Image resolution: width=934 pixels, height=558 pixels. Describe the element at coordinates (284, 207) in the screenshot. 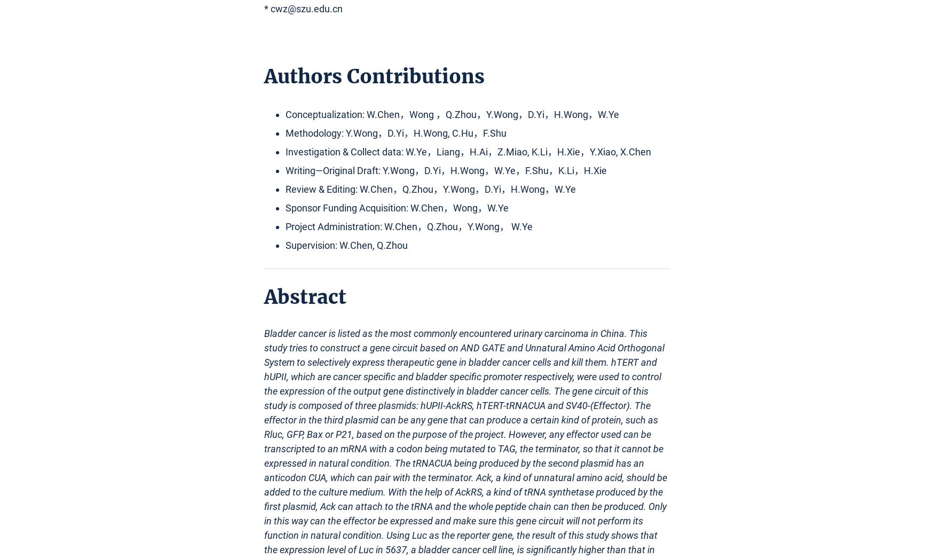

I see `'Sponsor Funding Acquisition: W.Chen，Wong，W.Ye'` at that location.